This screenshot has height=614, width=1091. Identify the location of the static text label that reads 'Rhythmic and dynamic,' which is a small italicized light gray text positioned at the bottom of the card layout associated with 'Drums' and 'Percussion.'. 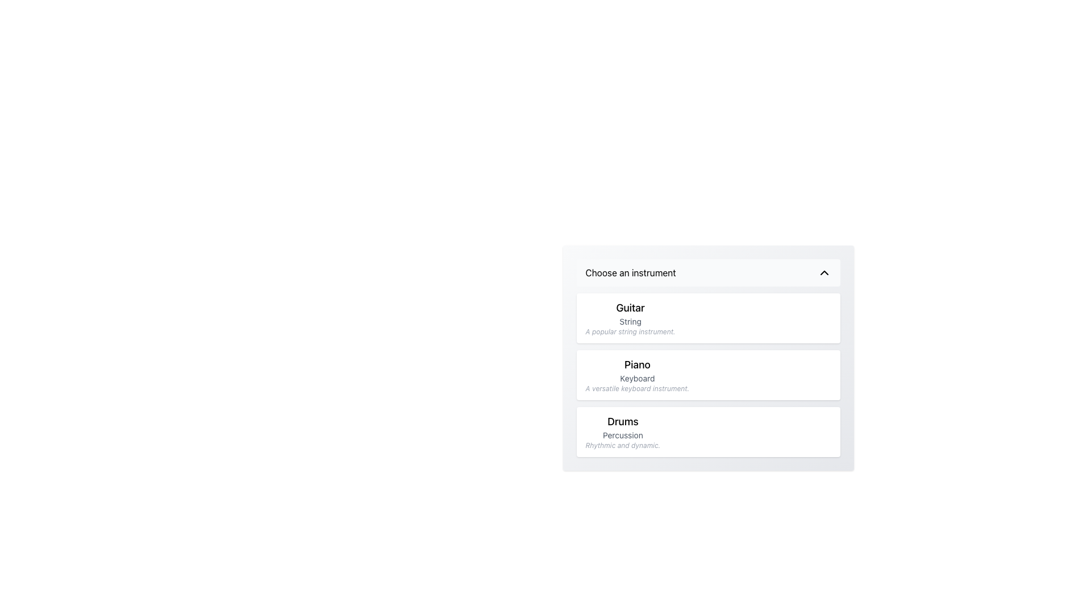
(622, 445).